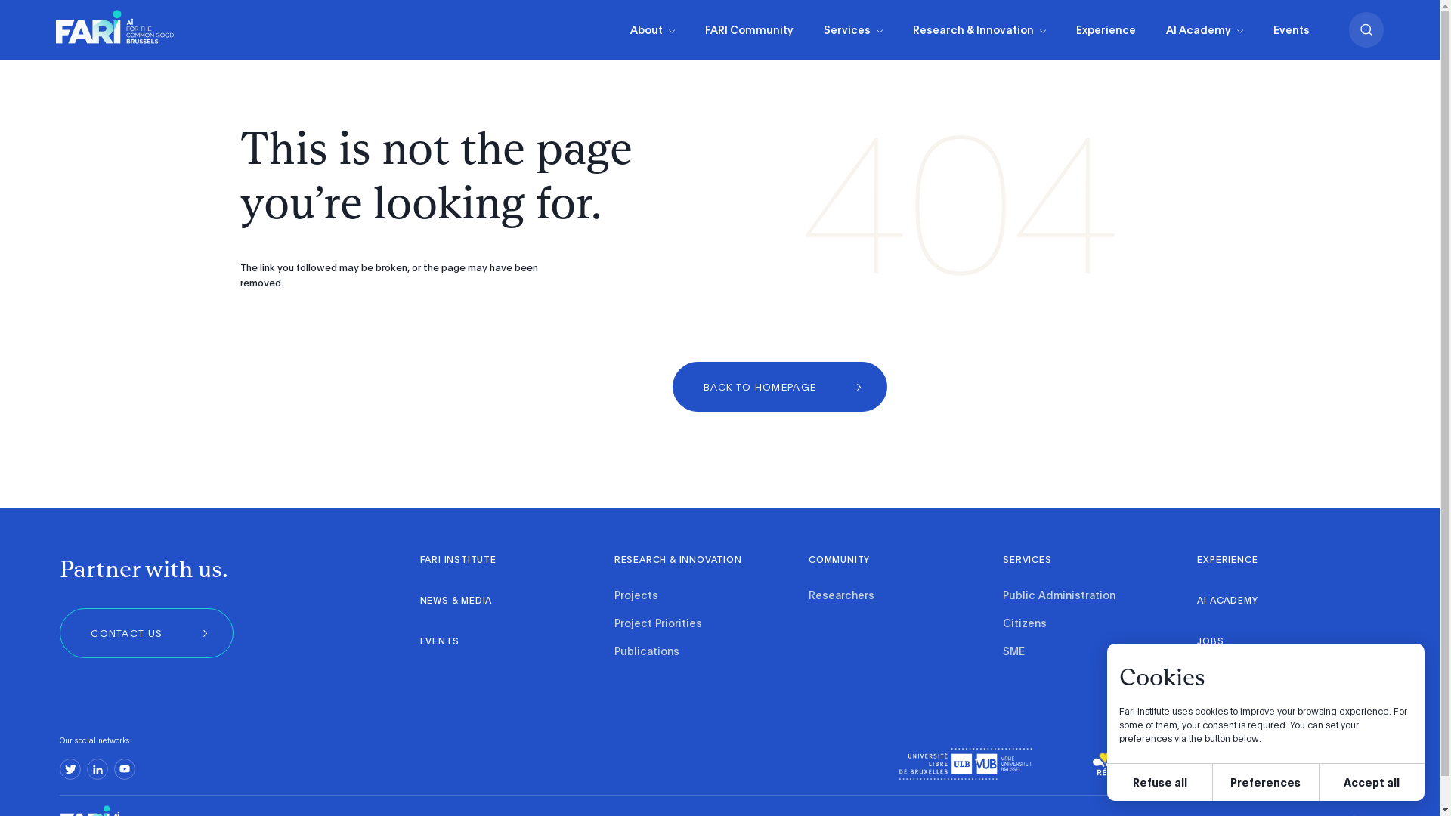  I want to click on 'NEWS & MEDIA', so click(456, 600).